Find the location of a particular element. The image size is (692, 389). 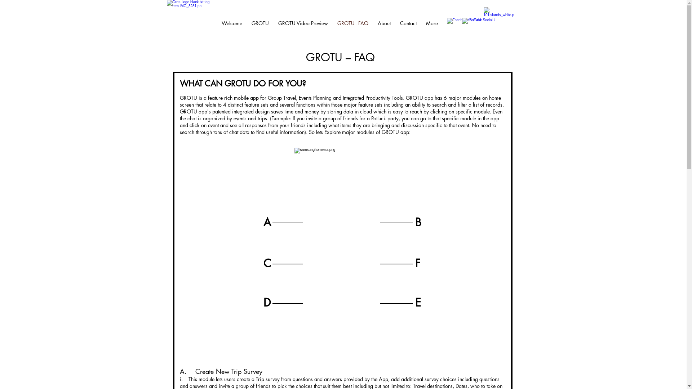

'Contact' is located at coordinates (408, 23).